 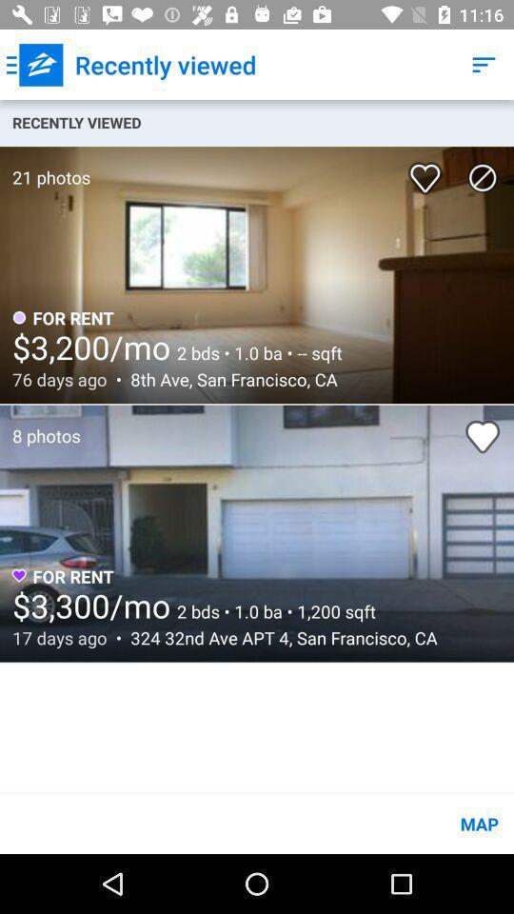 I want to click on the item above the recently viewed item, so click(x=484, y=65).